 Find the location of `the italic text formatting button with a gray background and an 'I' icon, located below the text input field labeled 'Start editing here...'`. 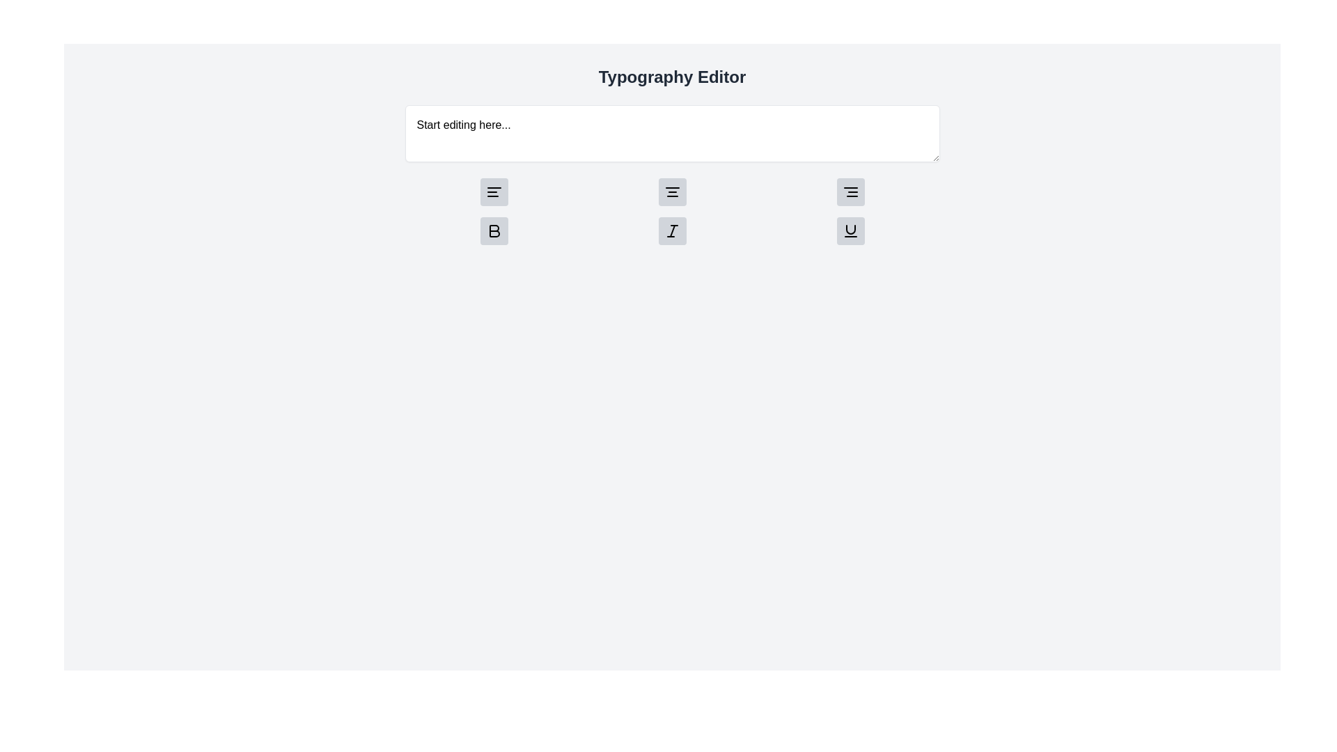

the italic text formatting button with a gray background and an 'I' icon, located below the text input field labeled 'Start editing here...' is located at coordinates (672, 230).